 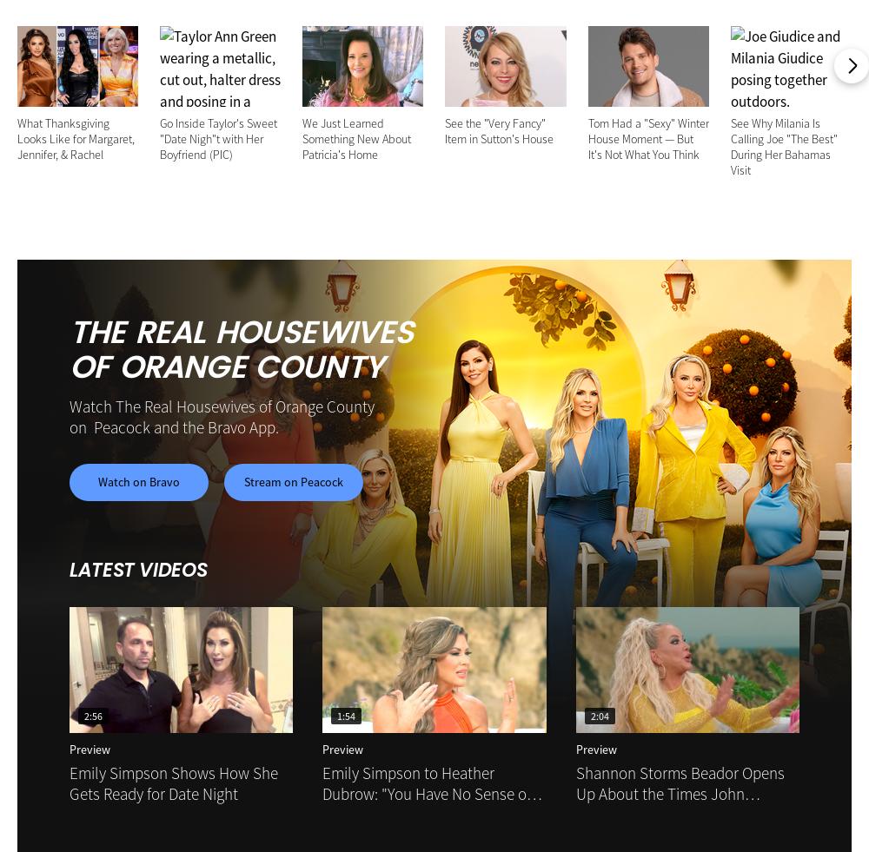 What do you see at coordinates (173, 783) in the screenshot?
I see `'Emily Simpson Shows How She Gets Ready for Date Night'` at bounding box center [173, 783].